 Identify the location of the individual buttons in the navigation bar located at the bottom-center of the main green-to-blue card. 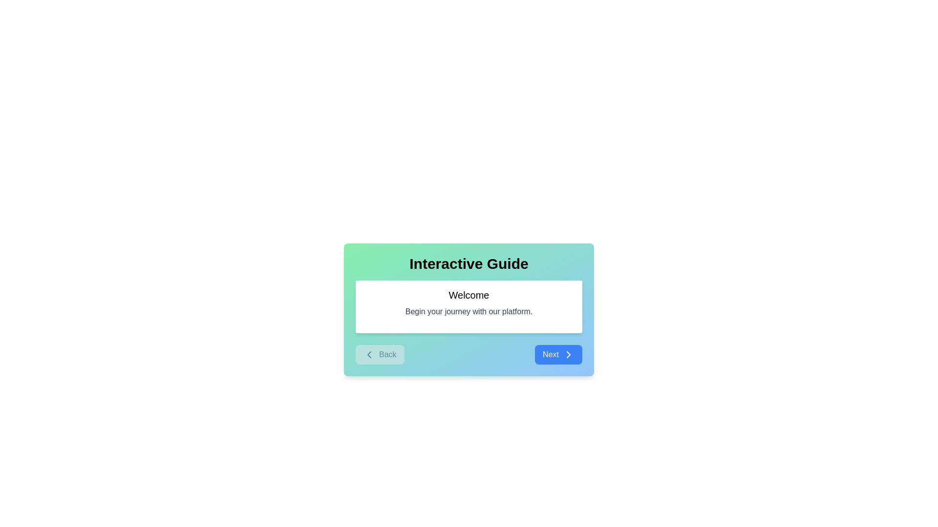
(469, 354).